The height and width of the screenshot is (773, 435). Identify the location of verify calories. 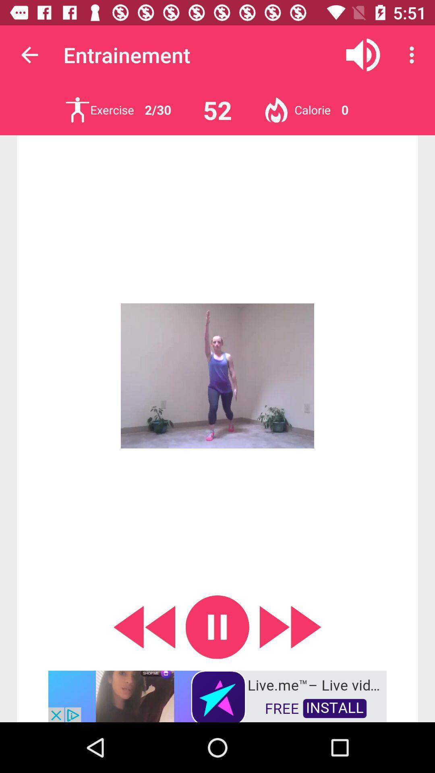
(276, 110).